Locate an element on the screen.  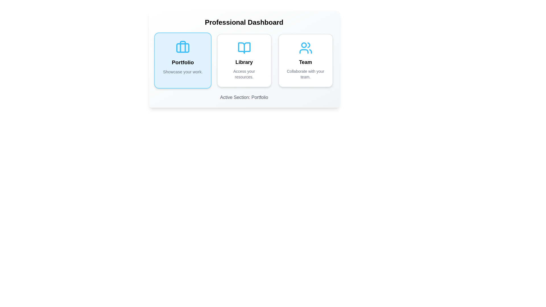
the Library card to select it is located at coordinates (244, 60).